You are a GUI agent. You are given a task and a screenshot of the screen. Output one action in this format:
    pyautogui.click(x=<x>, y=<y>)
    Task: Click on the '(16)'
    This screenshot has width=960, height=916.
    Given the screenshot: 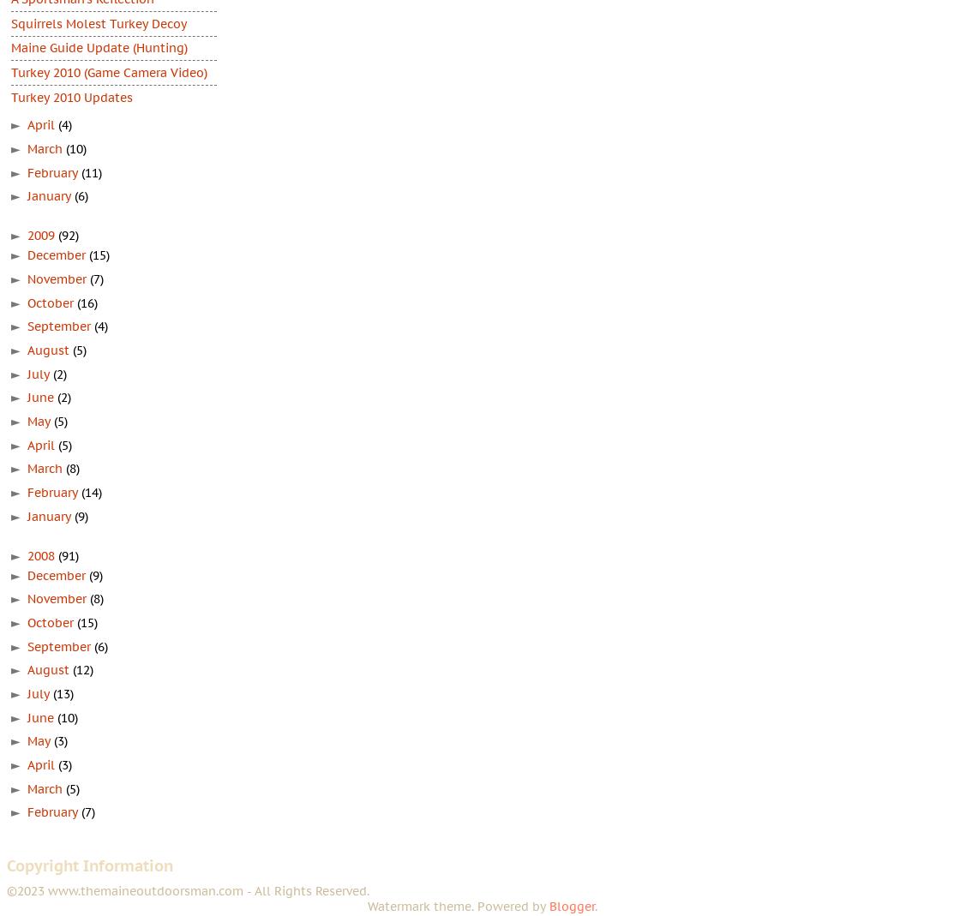 What is the action you would take?
    pyautogui.click(x=87, y=302)
    